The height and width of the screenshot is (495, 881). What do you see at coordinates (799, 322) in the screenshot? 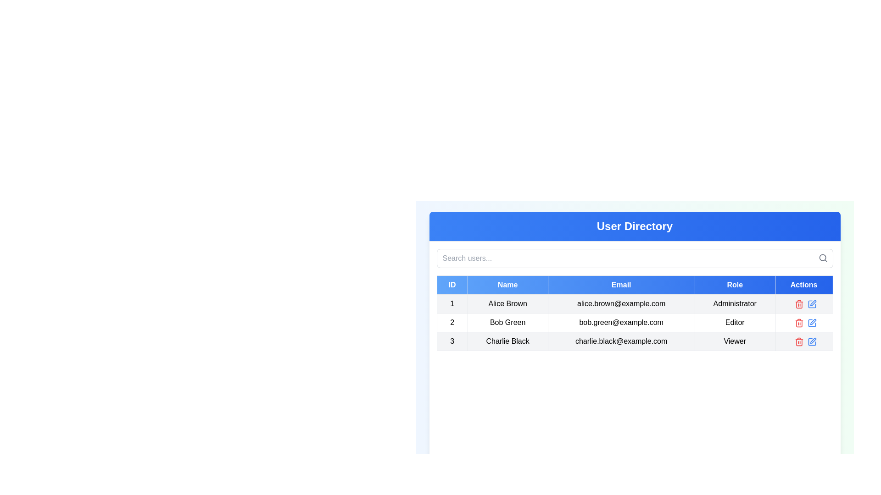
I see `the delete icon button located in the second row of the user listing table under the 'Actions' column` at bounding box center [799, 322].